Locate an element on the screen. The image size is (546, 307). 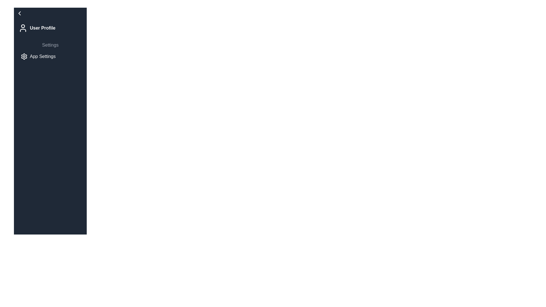
the navigational button located at the top of the vertical list on the left side of the interface is located at coordinates (50, 13).